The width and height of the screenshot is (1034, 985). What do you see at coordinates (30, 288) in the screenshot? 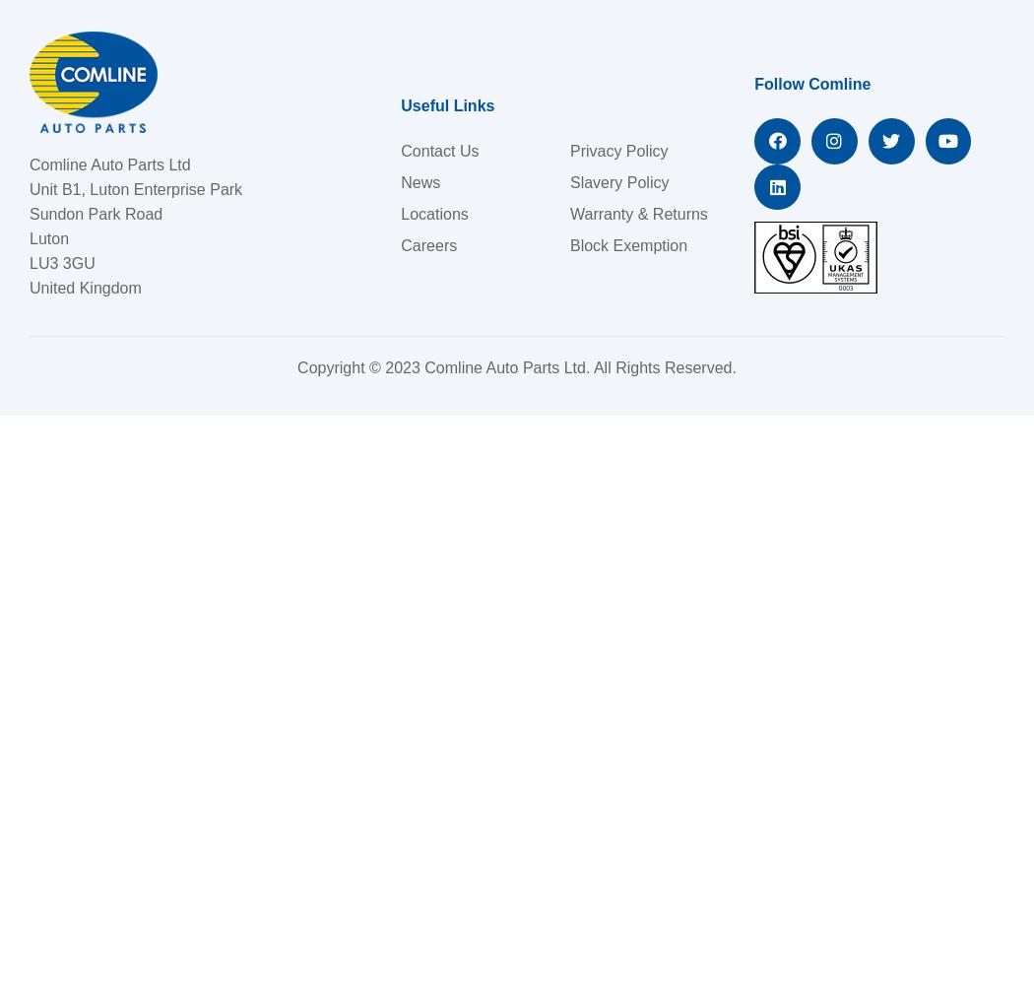
I see `'United Kingdom'` at bounding box center [30, 288].